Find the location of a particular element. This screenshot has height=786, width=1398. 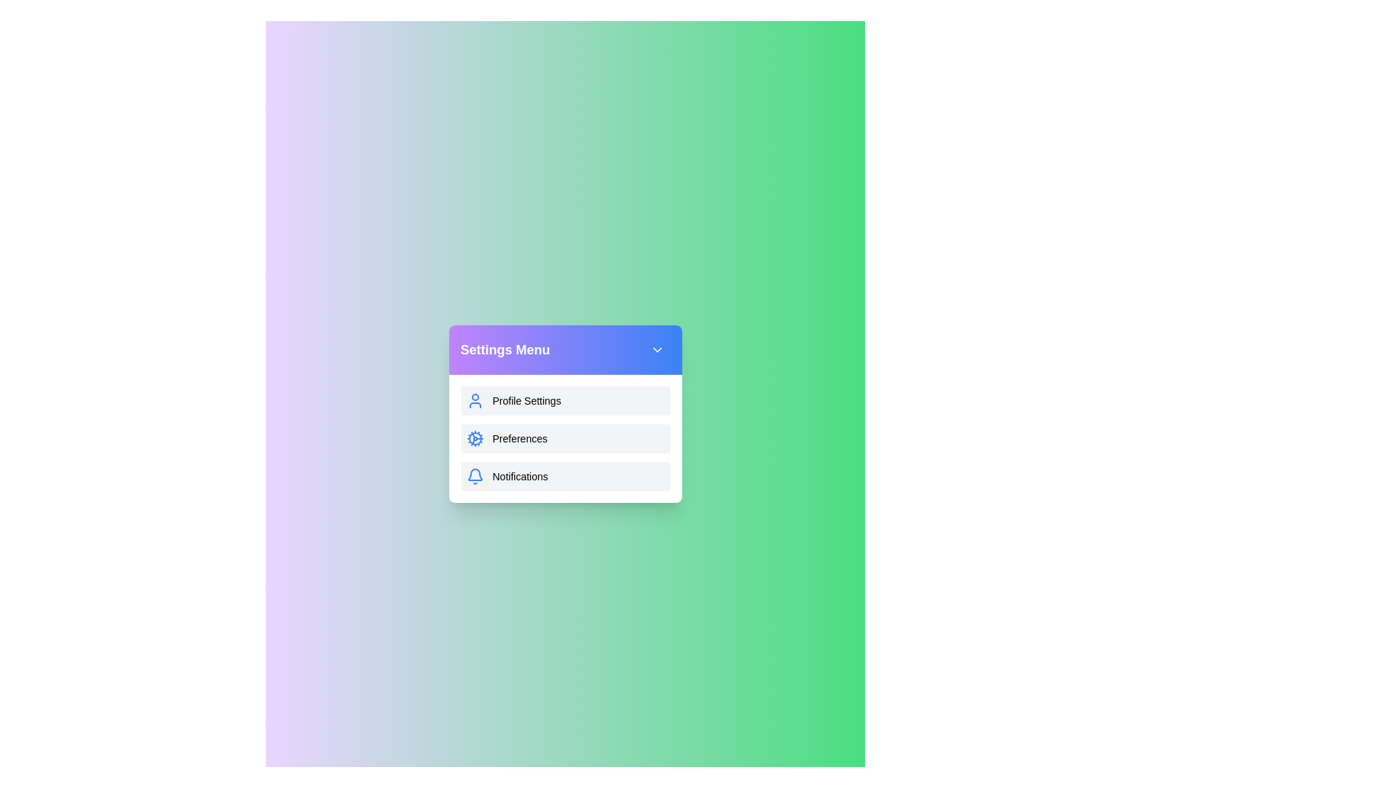

the 'Notifications' menu item is located at coordinates (564, 477).